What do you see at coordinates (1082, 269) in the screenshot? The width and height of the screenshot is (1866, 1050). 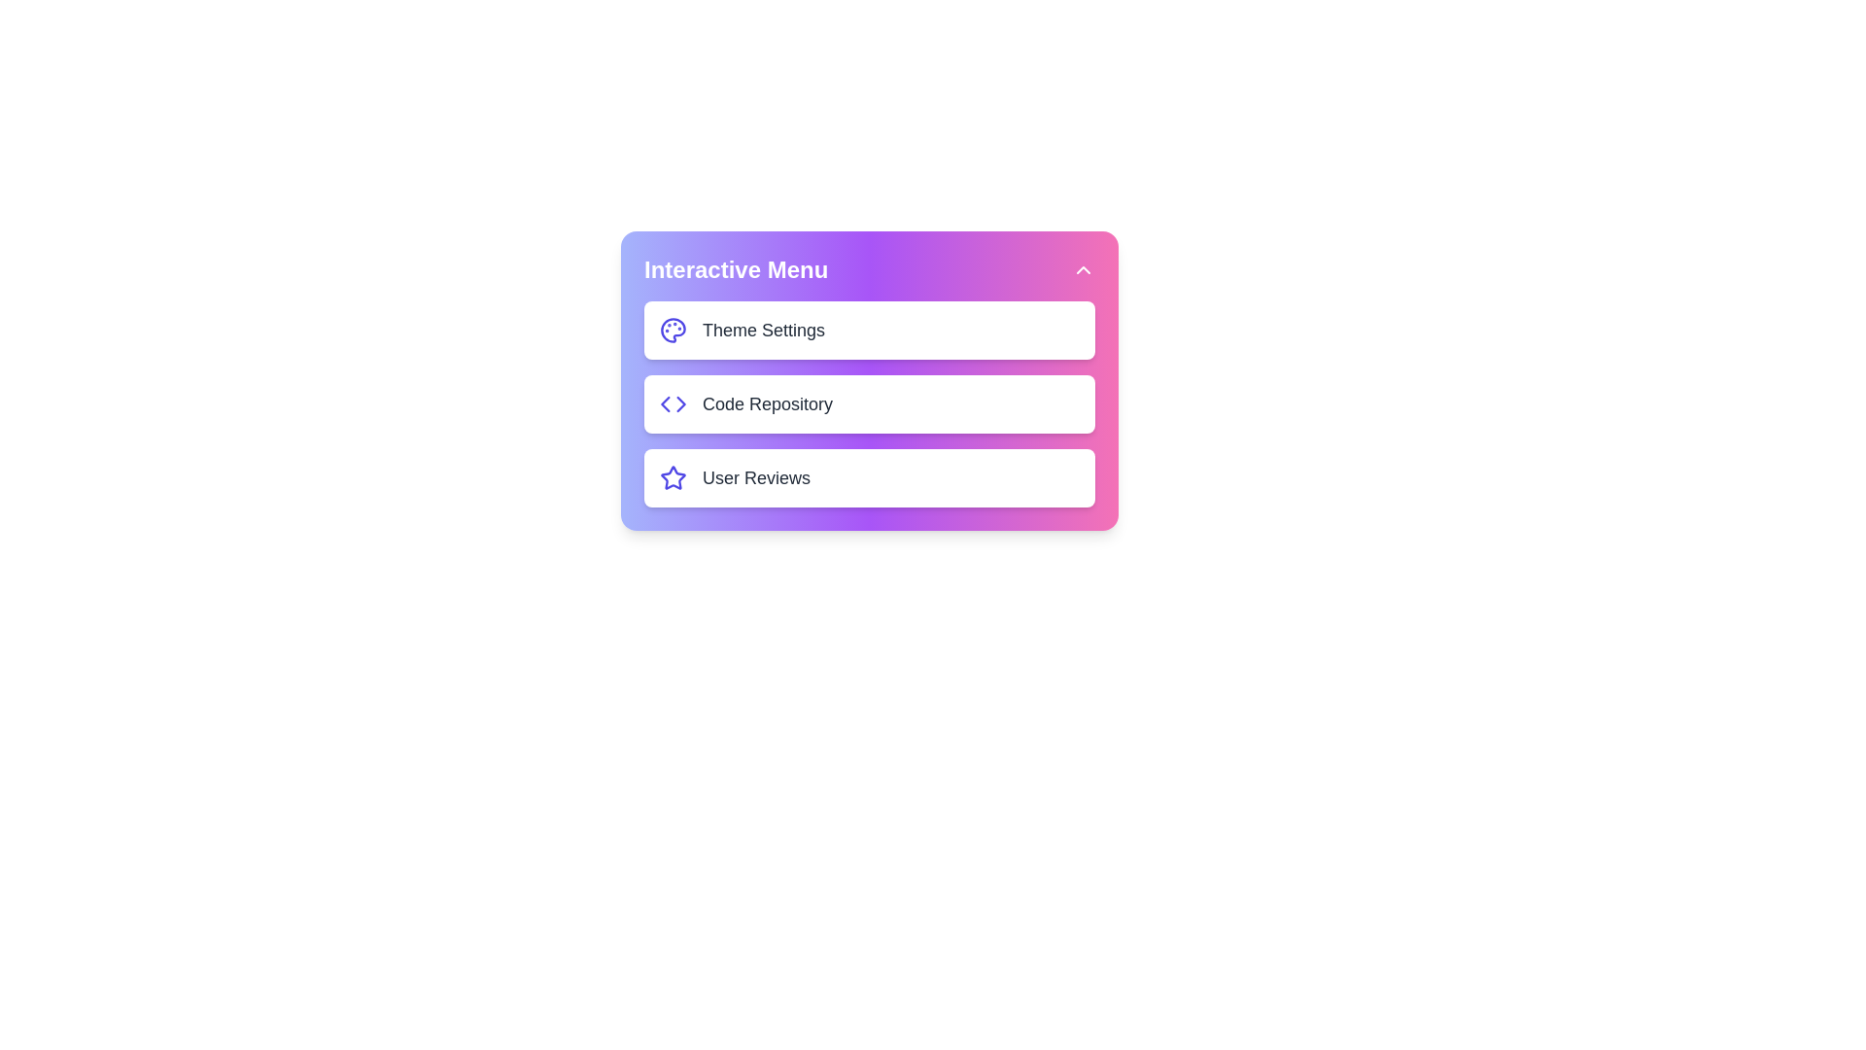 I see `the chevron button to toggle the menu visibility` at bounding box center [1082, 269].